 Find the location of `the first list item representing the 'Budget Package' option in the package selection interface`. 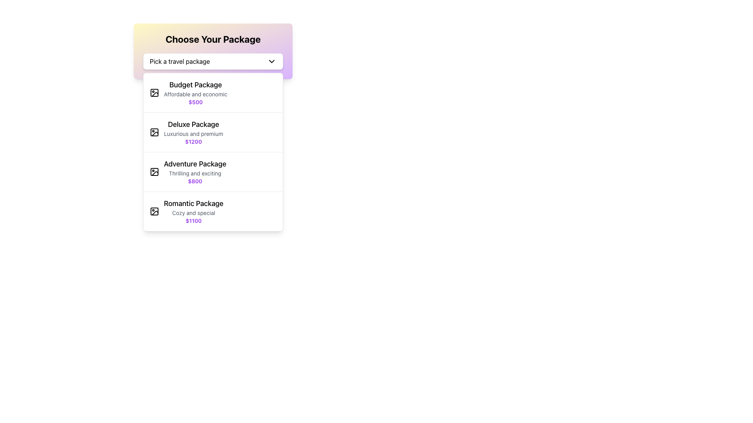

the first list item representing the 'Budget Package' option in the package selection interface is located at coordinates (213, 92).